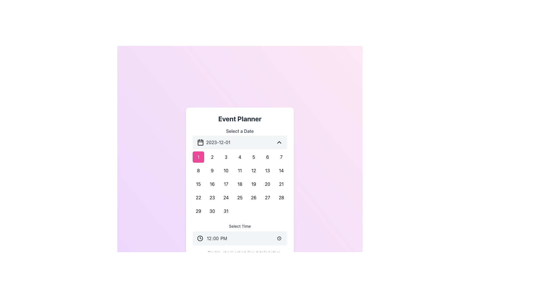 This screenshot has height=304, width=540. Describe the element at coordinates (200, 238) in the screenshot. I see `the clock icon in the 'Select Time' section, which features a circular outline and hands indicating time` at that location.